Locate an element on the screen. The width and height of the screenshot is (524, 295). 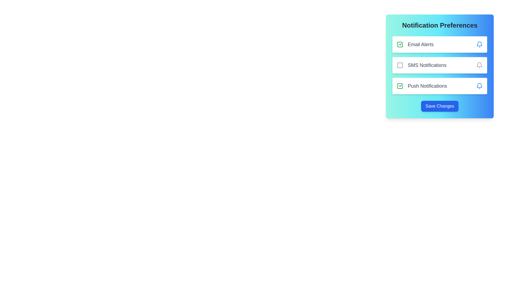
the text label displaying 'SMS Notifications' which is in gray color, bold, and medium-sized font, located between a checkbox and a bell icon is located at coordinates (427, 65).